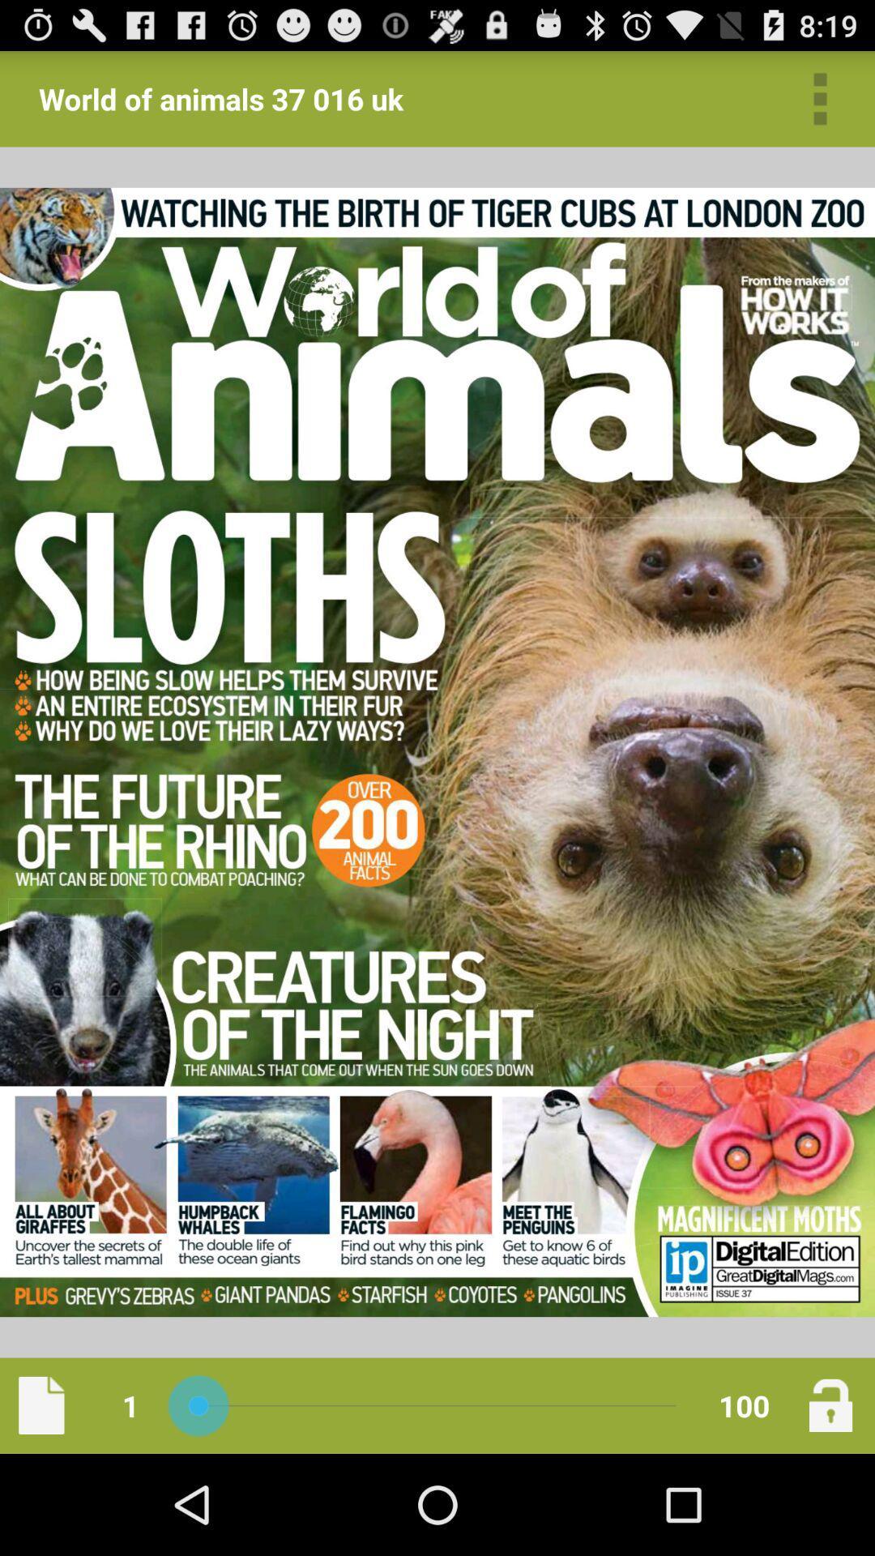 This screenshot has width=875, height=1556. I want to click on item next to the world of animals app, so click(820, 98).